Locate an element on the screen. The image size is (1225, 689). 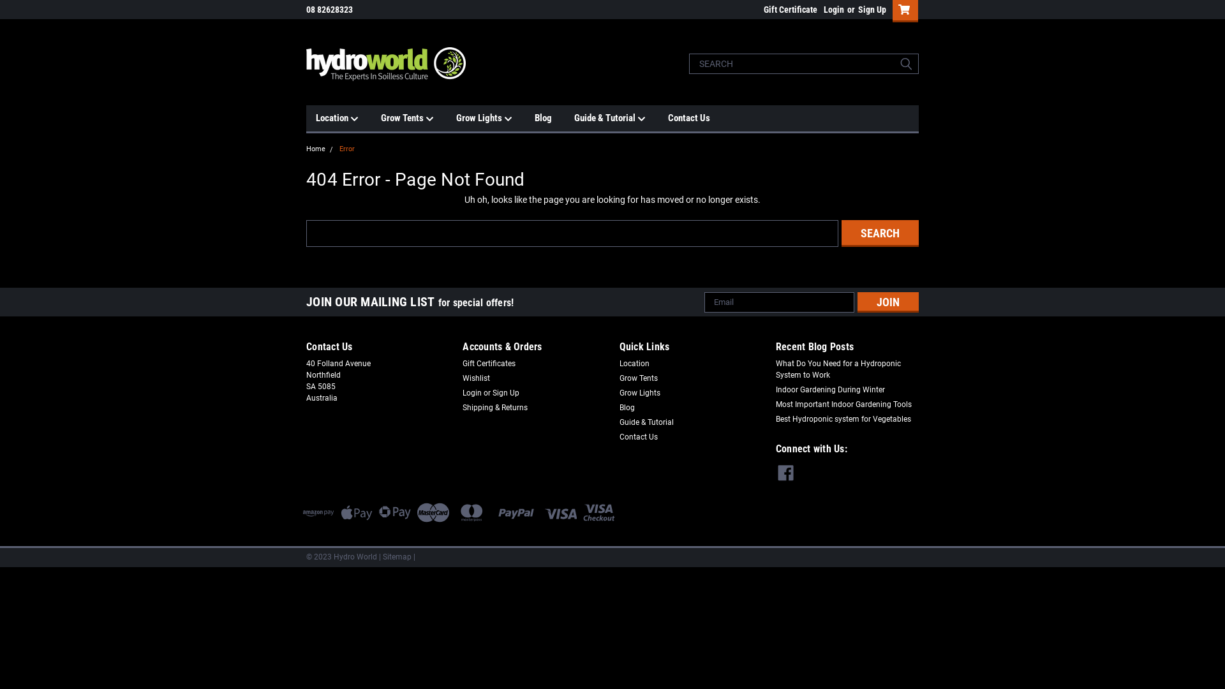
'Shipping & Returns' is located at coordinates (494, 408).